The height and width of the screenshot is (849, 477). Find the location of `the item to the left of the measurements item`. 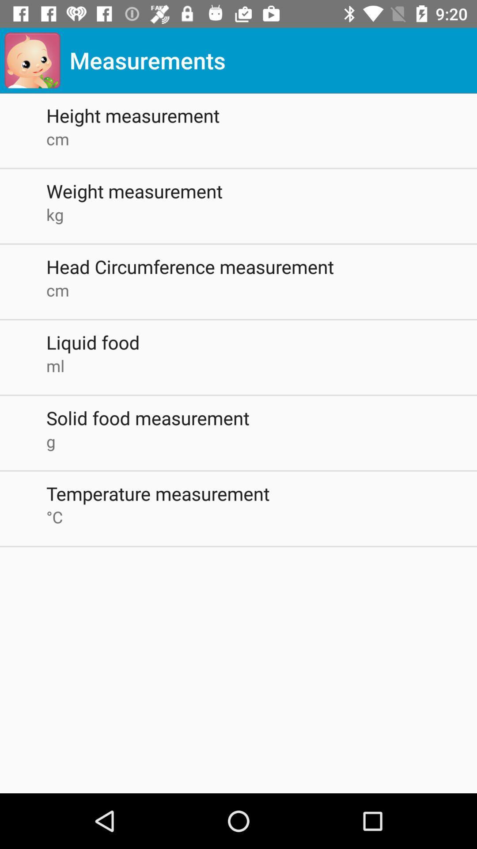

the item to the left of the measurements item is located at coordinates (32, 60).